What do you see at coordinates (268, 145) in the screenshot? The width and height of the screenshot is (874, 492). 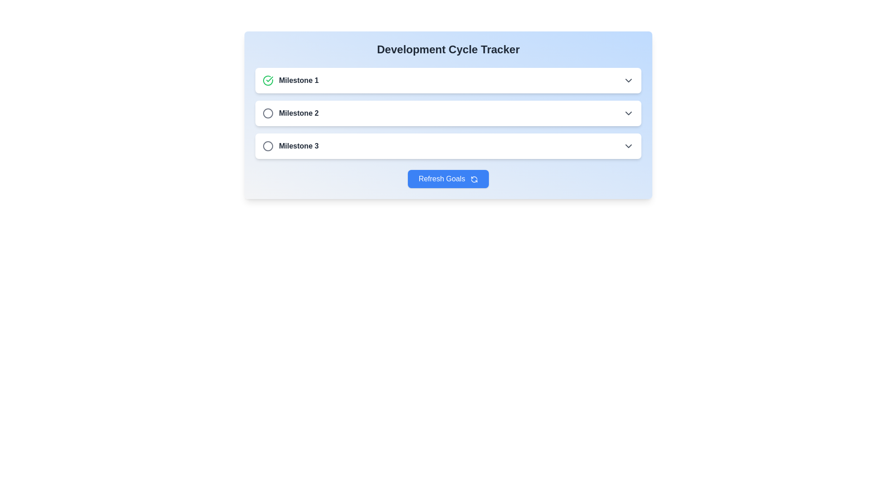 I see `the appearance of the Circle icon located adjacent to the text 'Milestone 3' in the Development Cycle Tracker list` at bounding box center [268, 145].